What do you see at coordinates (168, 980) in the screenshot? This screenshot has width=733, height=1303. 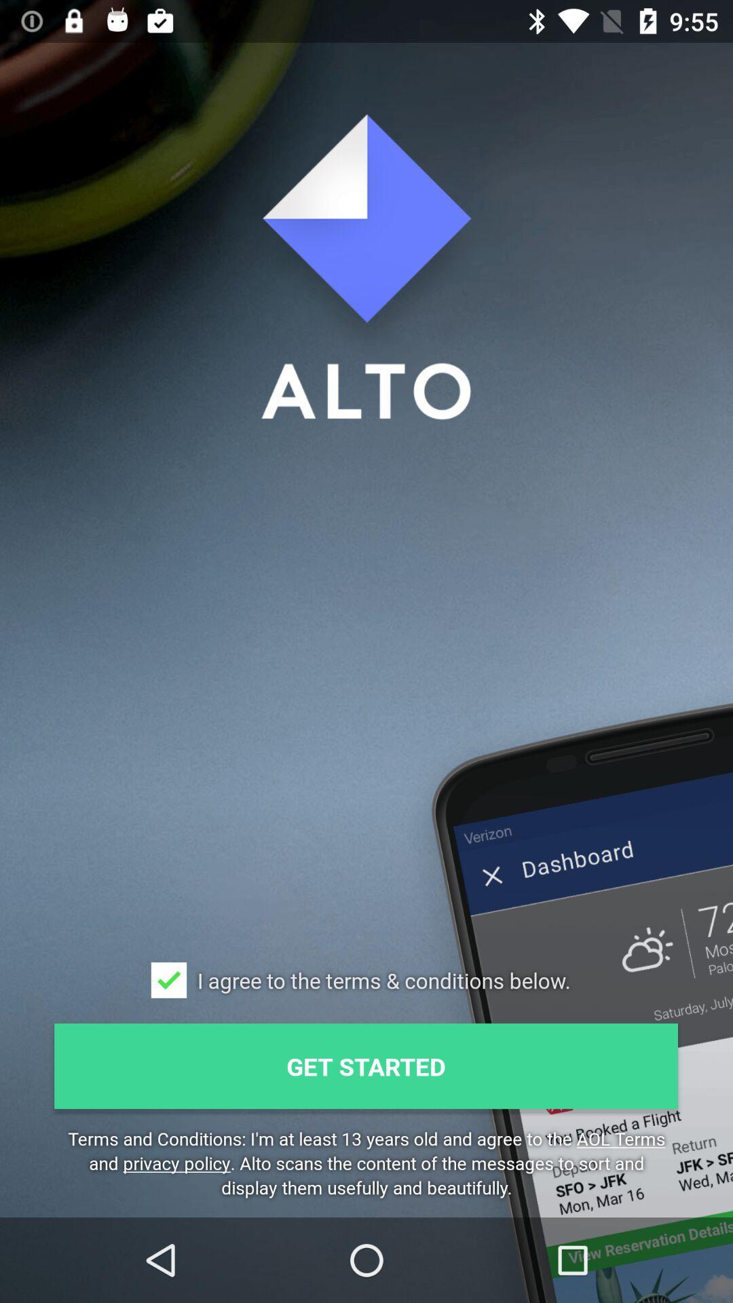 I see `the item above the get started icon` at bounding box center [168, 980].